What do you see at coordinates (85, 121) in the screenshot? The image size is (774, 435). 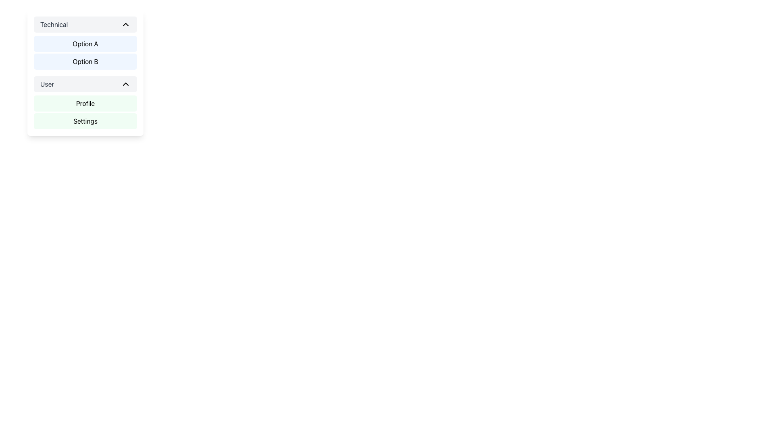 I see `the 'Settings' button, which is a rectangular button with a light green background located below the 'Profile' button in the user menu` at bounding box center [85, 121].